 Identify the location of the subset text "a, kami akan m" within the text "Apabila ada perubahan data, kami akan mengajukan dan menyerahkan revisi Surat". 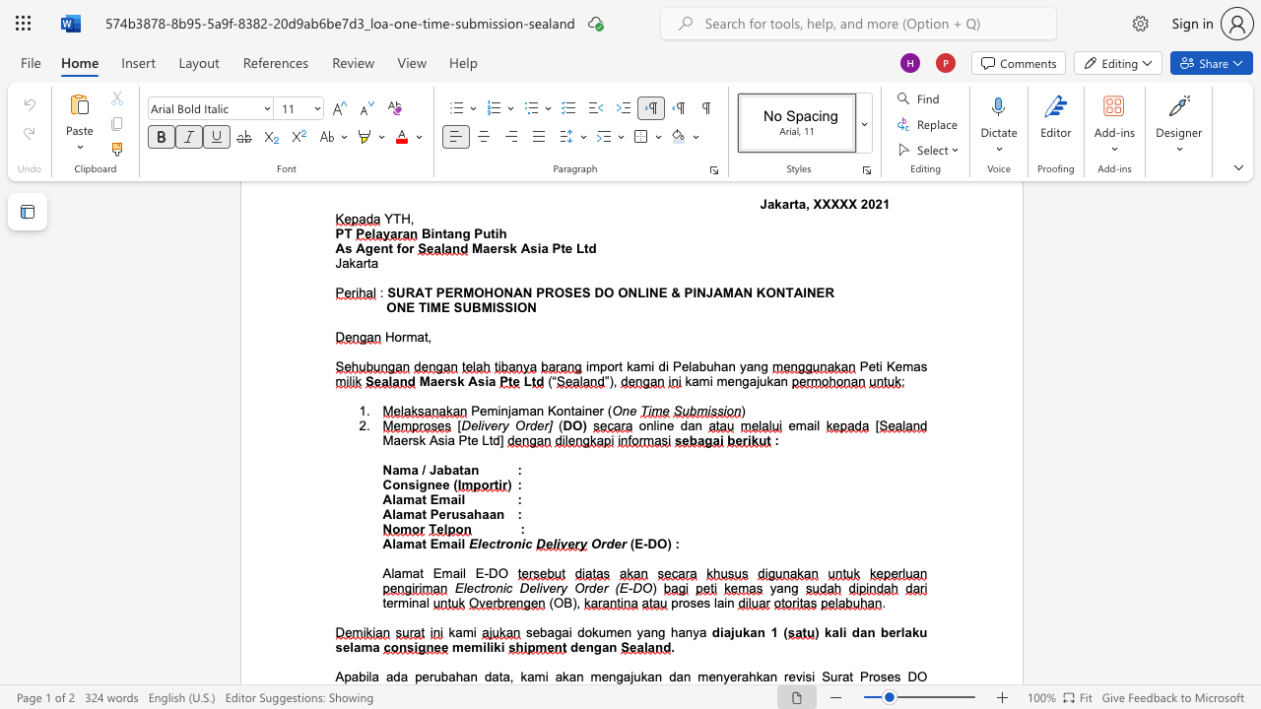
(502, 676).